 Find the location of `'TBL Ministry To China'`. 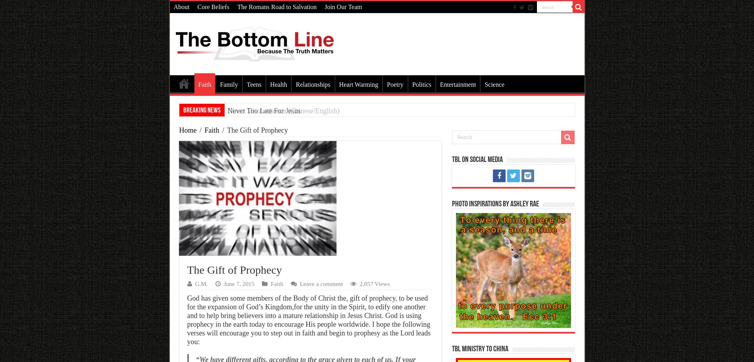

'TBL Ministry To China' is located at coordinates (479, 349).